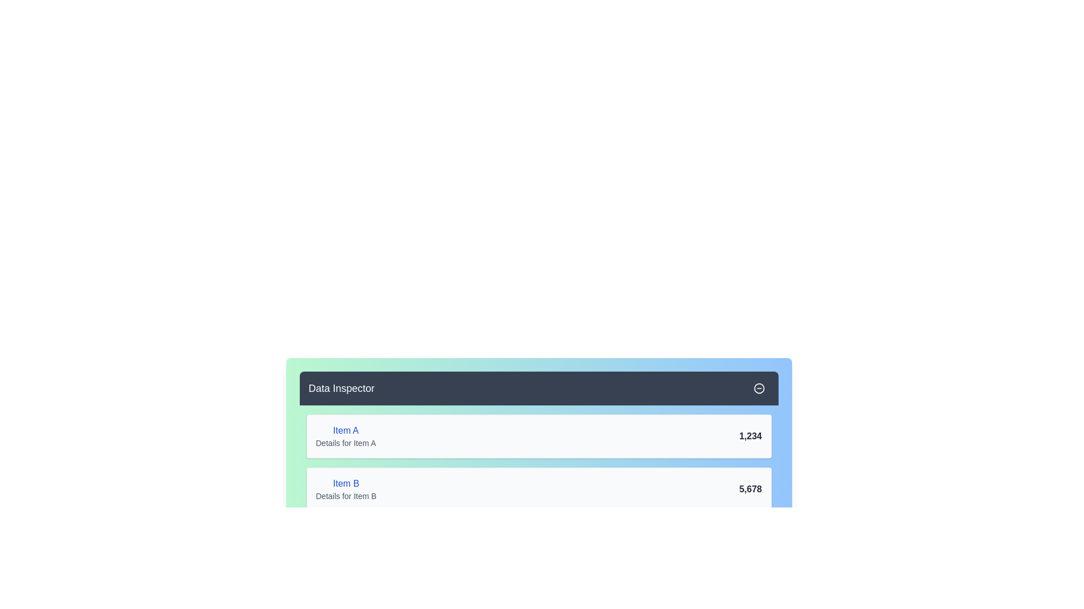 The height and width of the screenshot is (609, 1084). Describe the element at coordinates (759, 388) in the screenshot. I see `the compact circular icon button with a minus sign inside a circle, located on the far-right side of the horizontal toolbar at the top of the card` at that location.